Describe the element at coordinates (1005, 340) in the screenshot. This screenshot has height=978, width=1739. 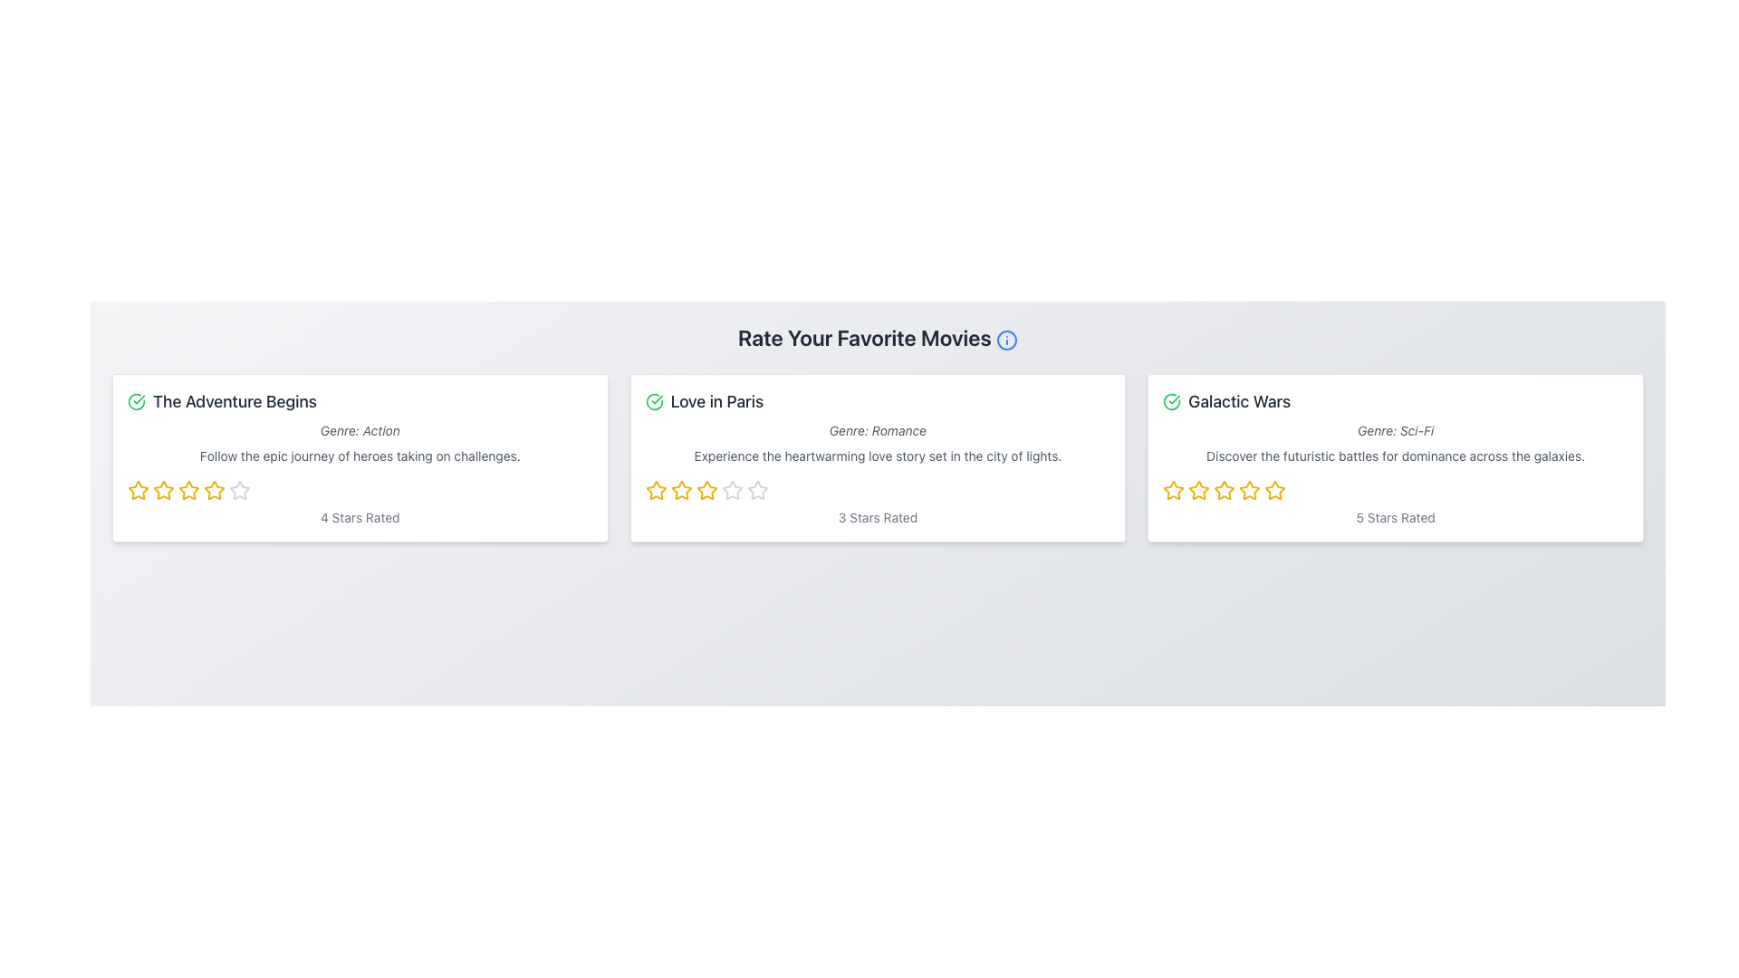
I see `the informational help icon located to the right side of the title 'Rate Your Favorite Movies'` at that location.